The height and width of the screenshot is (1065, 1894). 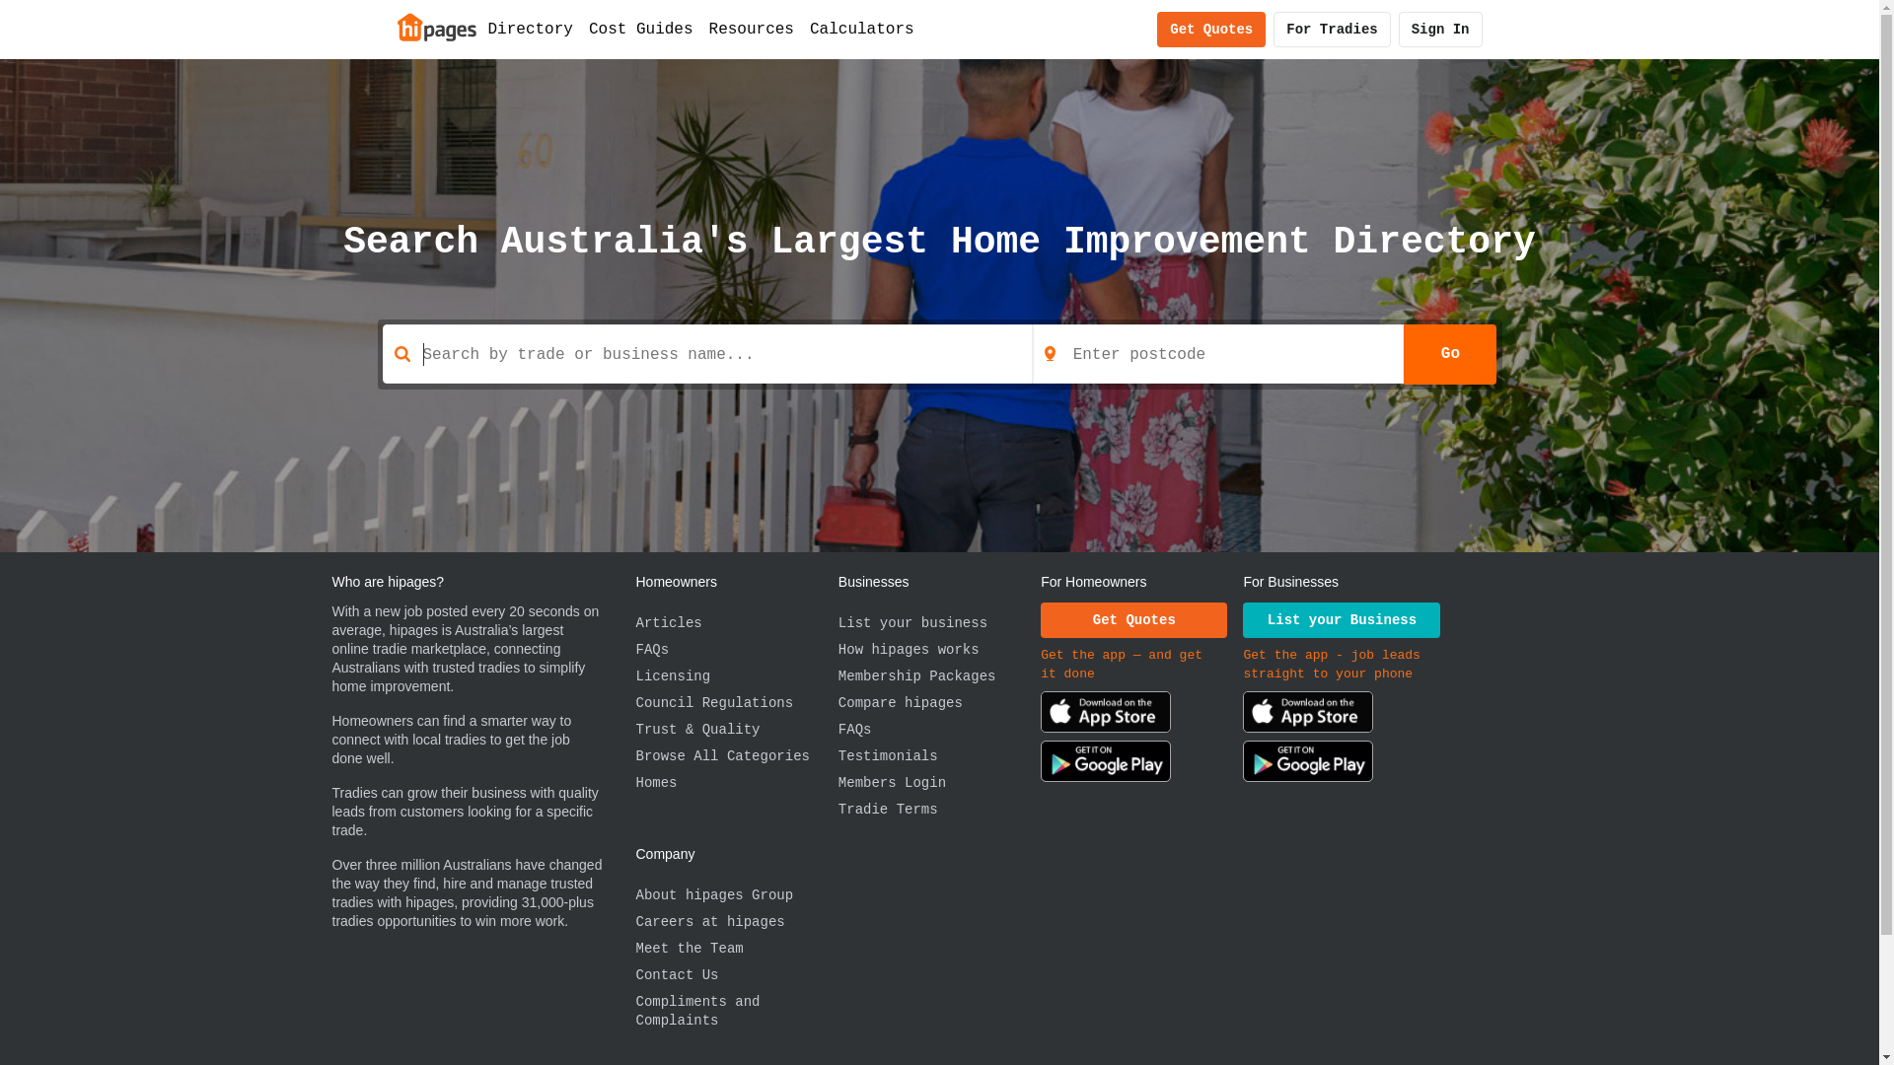 I want to click on 'Membership Packages', so click(x=938, y=675).